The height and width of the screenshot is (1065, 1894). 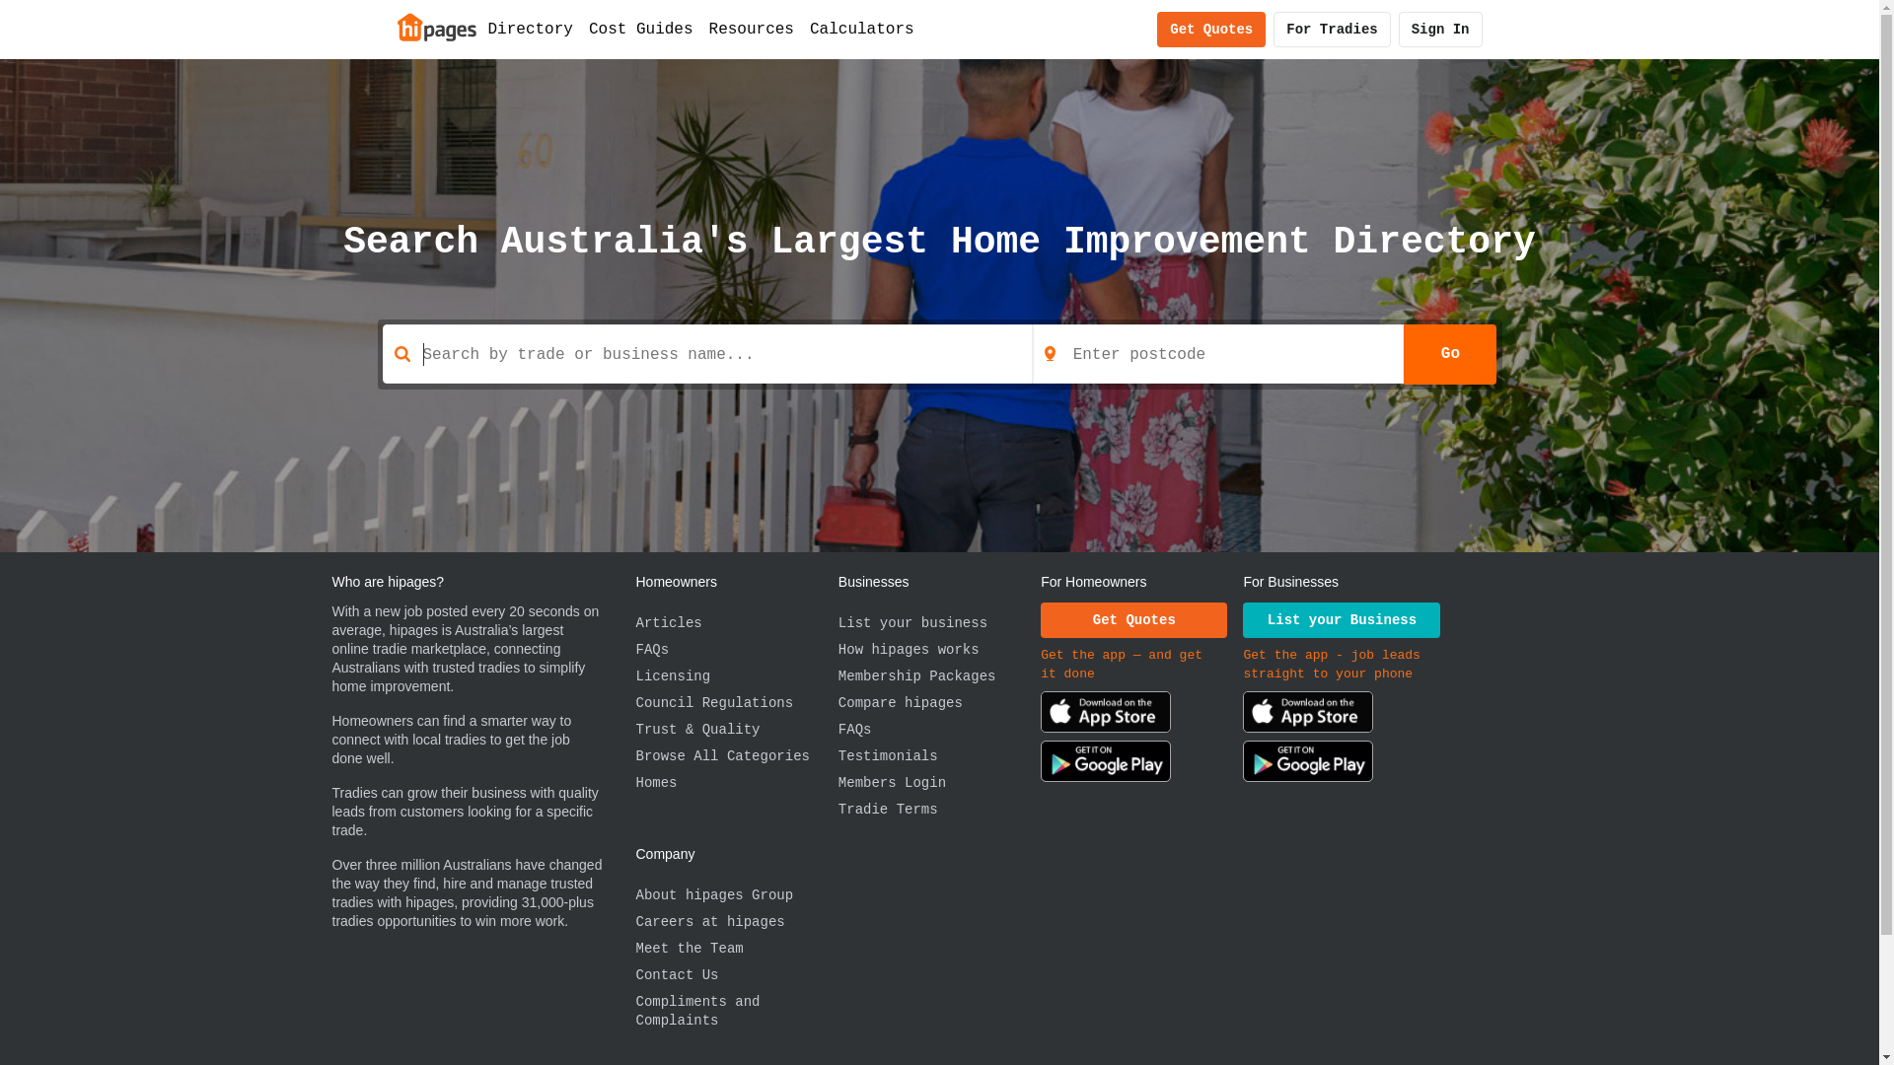 I want to click on 'Membership Packages', so click(x=938, y=675).